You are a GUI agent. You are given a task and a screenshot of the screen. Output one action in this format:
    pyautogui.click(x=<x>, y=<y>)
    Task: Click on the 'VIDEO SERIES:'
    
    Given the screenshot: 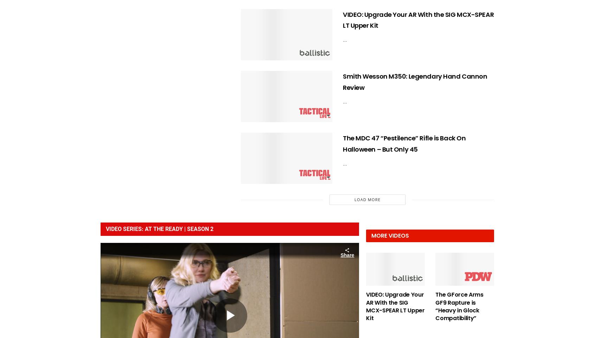 What is the action you would take?
    pyautogui.click(x=125, y=228)
    